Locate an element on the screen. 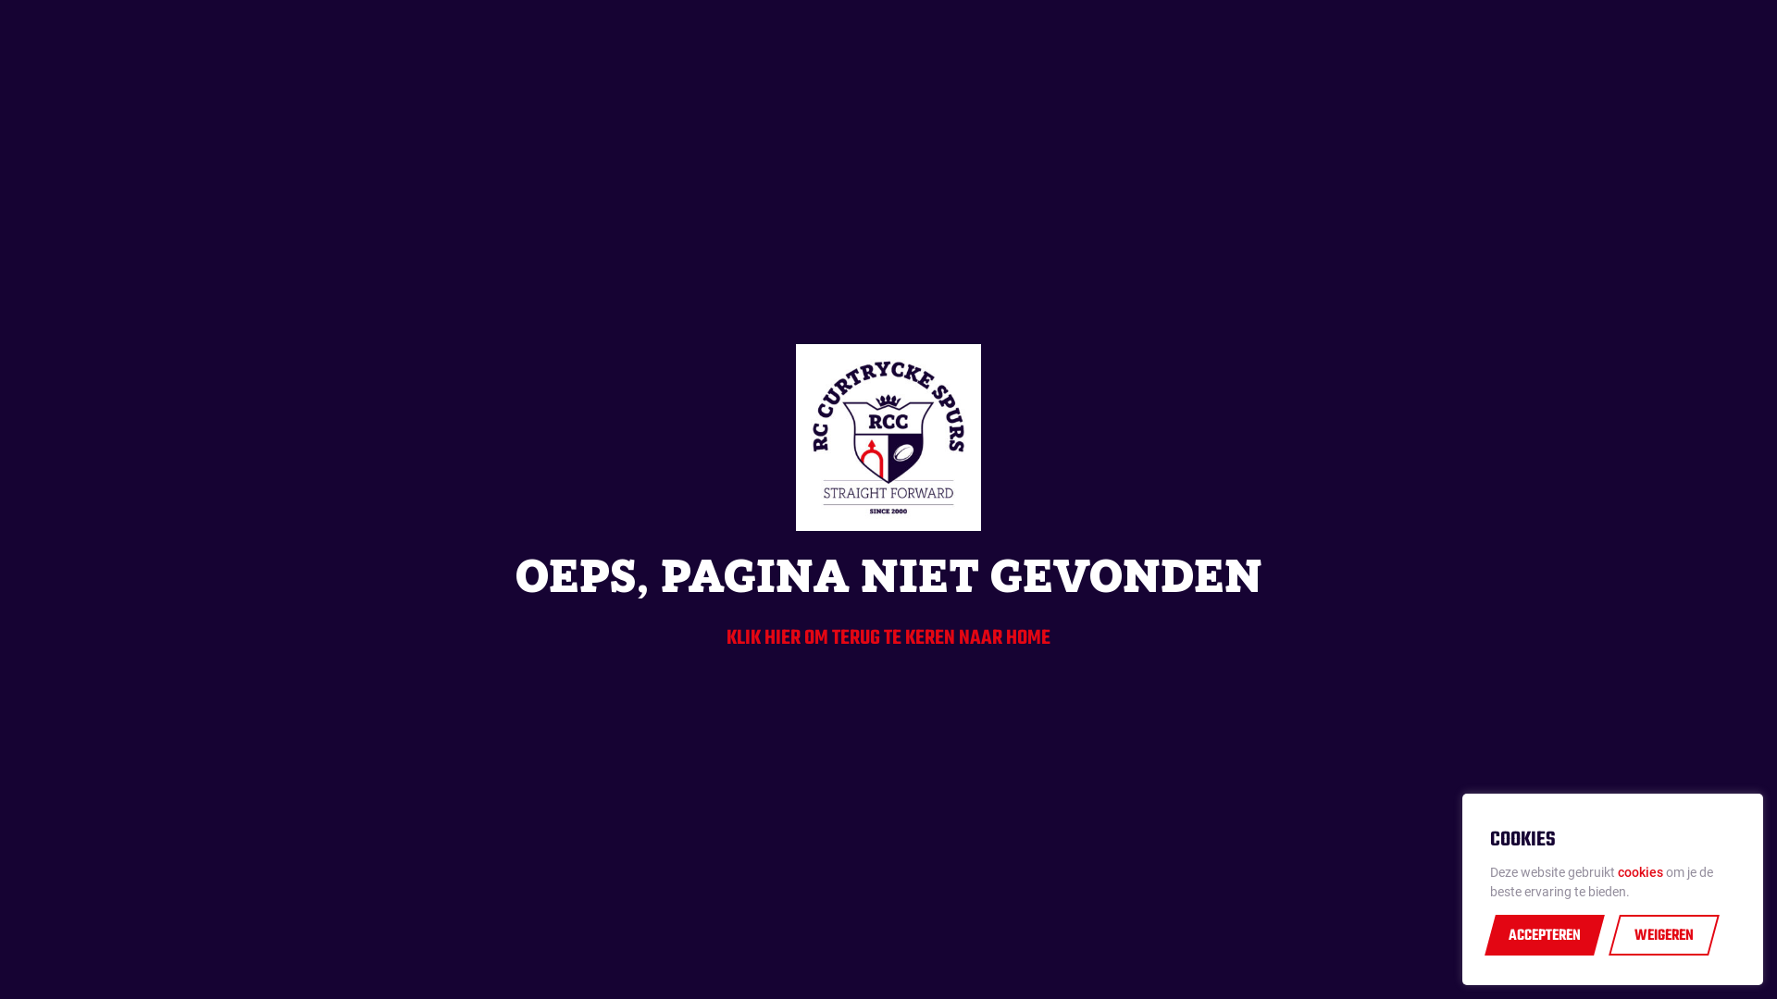 Image resolution: width=1777 pixels, height=999 pixels. 'ACCEPTEREN' is located at coordinates (1545, 935).